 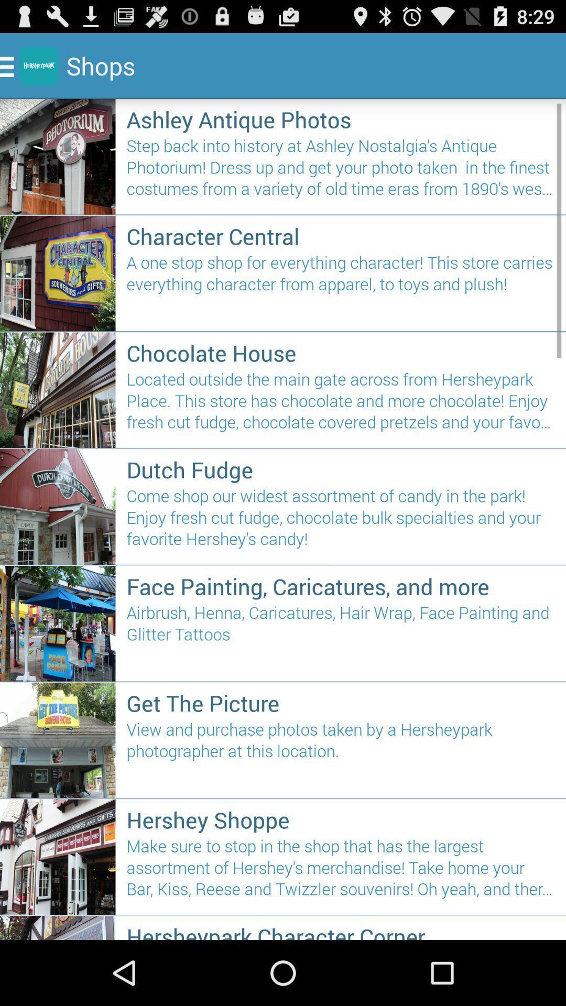 I want to click on the dutch fudge item, so click(x=341, y=469).